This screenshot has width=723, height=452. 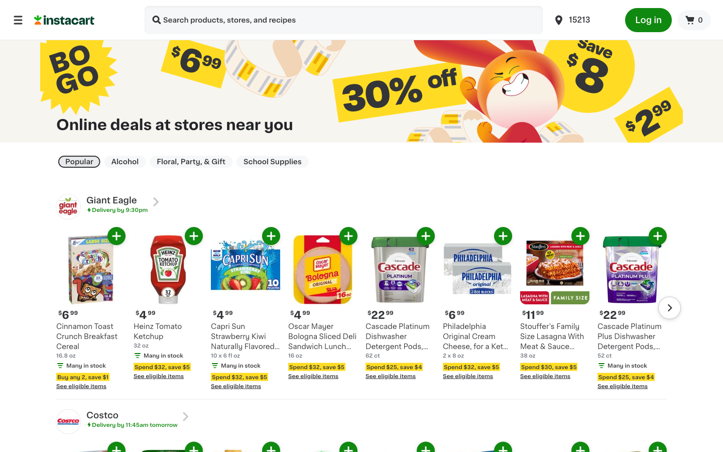 I want to click on Display all qualifying products for discount with Cinnamon Toast Breakfast, so click(x=105, y=393).